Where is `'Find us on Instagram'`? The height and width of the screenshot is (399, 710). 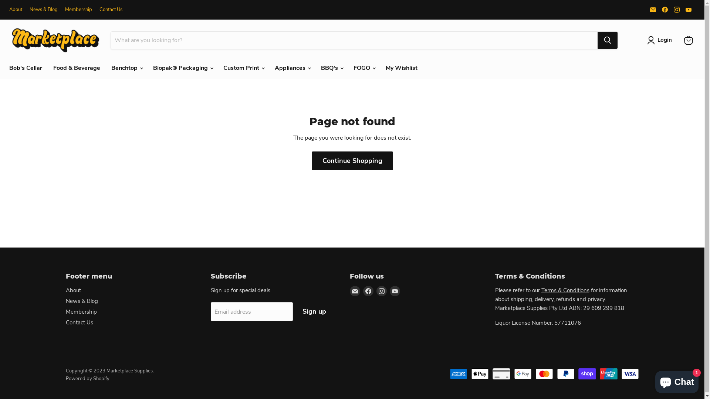 'Find us on Instagram' is located at coordinates (676, 10).